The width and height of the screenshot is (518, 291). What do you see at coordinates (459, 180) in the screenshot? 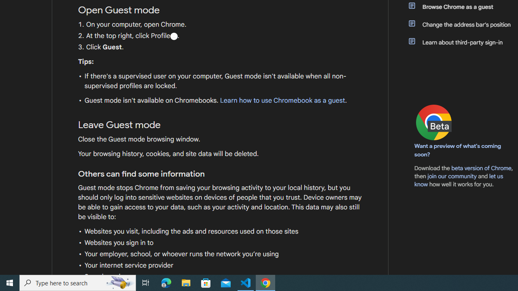
I see `'let us know'` at bounding box center [459, 180].